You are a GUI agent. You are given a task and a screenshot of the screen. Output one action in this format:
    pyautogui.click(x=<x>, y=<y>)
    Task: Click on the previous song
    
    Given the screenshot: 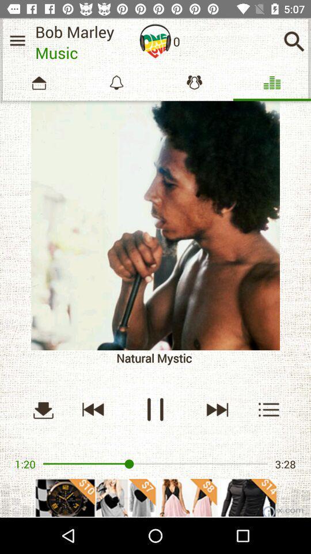 What is the action you would take?
    pyautogui.click(x=93, y=409)
    